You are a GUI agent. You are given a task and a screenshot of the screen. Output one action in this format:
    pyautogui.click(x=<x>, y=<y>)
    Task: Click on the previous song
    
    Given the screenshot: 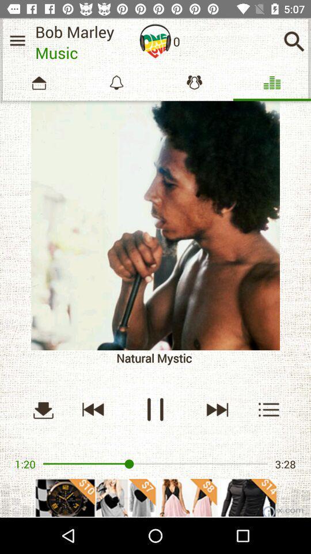 What is the action you would take?
    pyautogui.click(x=93, y=409)
    